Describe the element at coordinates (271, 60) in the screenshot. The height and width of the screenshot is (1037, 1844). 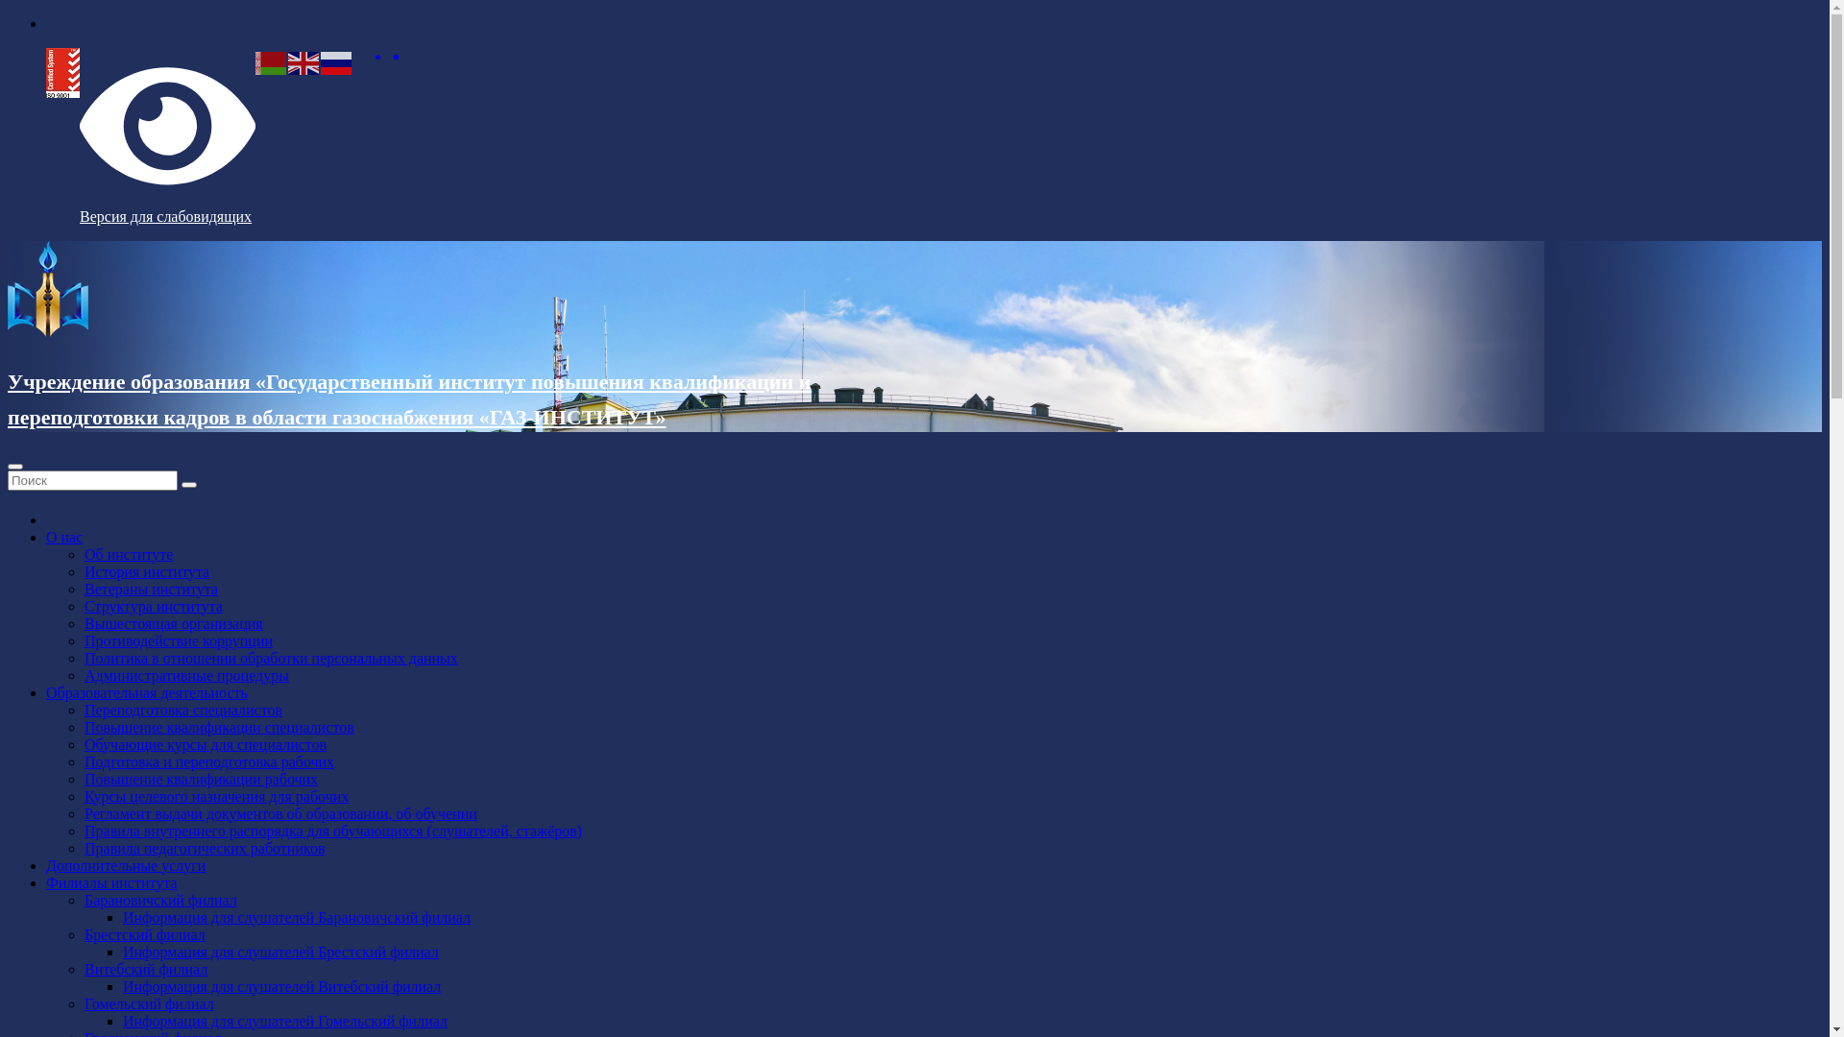
I see `'Belarusian'` at that location.